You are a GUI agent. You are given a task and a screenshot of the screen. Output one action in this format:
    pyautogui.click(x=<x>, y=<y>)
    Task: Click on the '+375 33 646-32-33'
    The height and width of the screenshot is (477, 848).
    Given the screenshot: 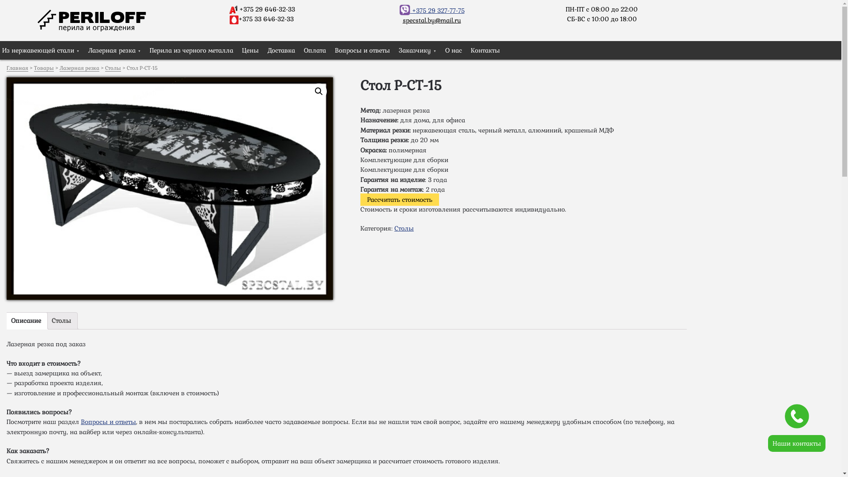 What is the action you would take?
    pyautogui.click(x=265, y=19)
    